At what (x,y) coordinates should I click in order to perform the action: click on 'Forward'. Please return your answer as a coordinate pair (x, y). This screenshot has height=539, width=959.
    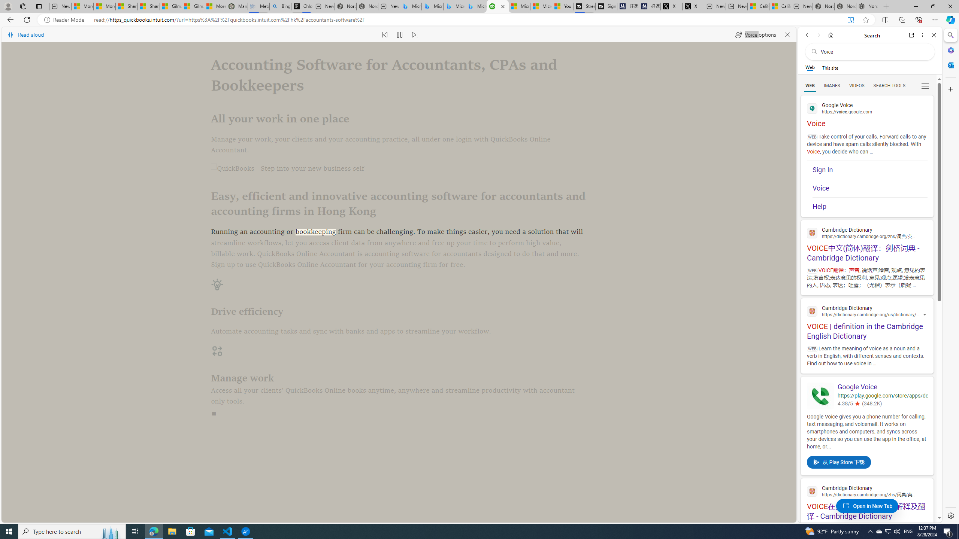
    Looking at the image, I should click on (818, 35).